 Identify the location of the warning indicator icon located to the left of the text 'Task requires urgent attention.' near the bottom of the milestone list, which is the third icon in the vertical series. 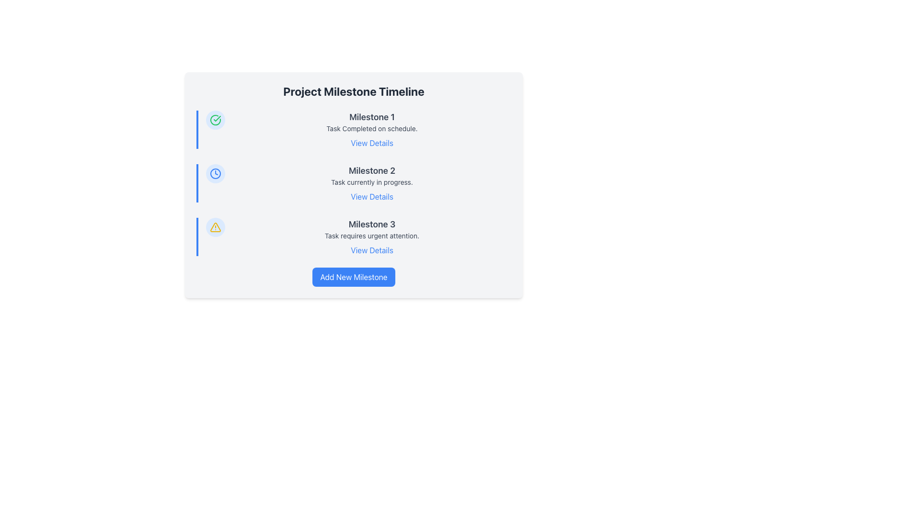
(215, 227).